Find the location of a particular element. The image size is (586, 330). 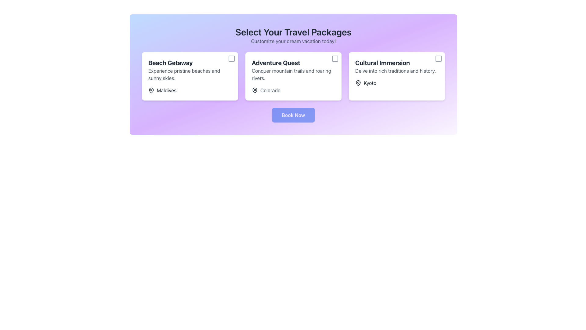

the text label displaying 'Colorado' which is positioned in the middle card under the 'Adventure Quest' section, aligned left next to a map pin icon is located at coordinates (270, 90).